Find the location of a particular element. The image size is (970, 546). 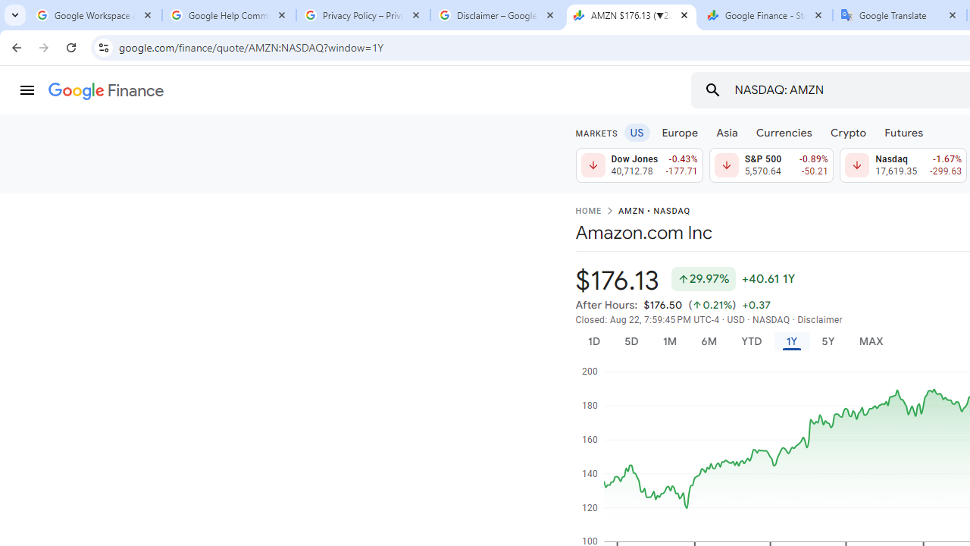

'Asia' is located at coordinates (726, 131).